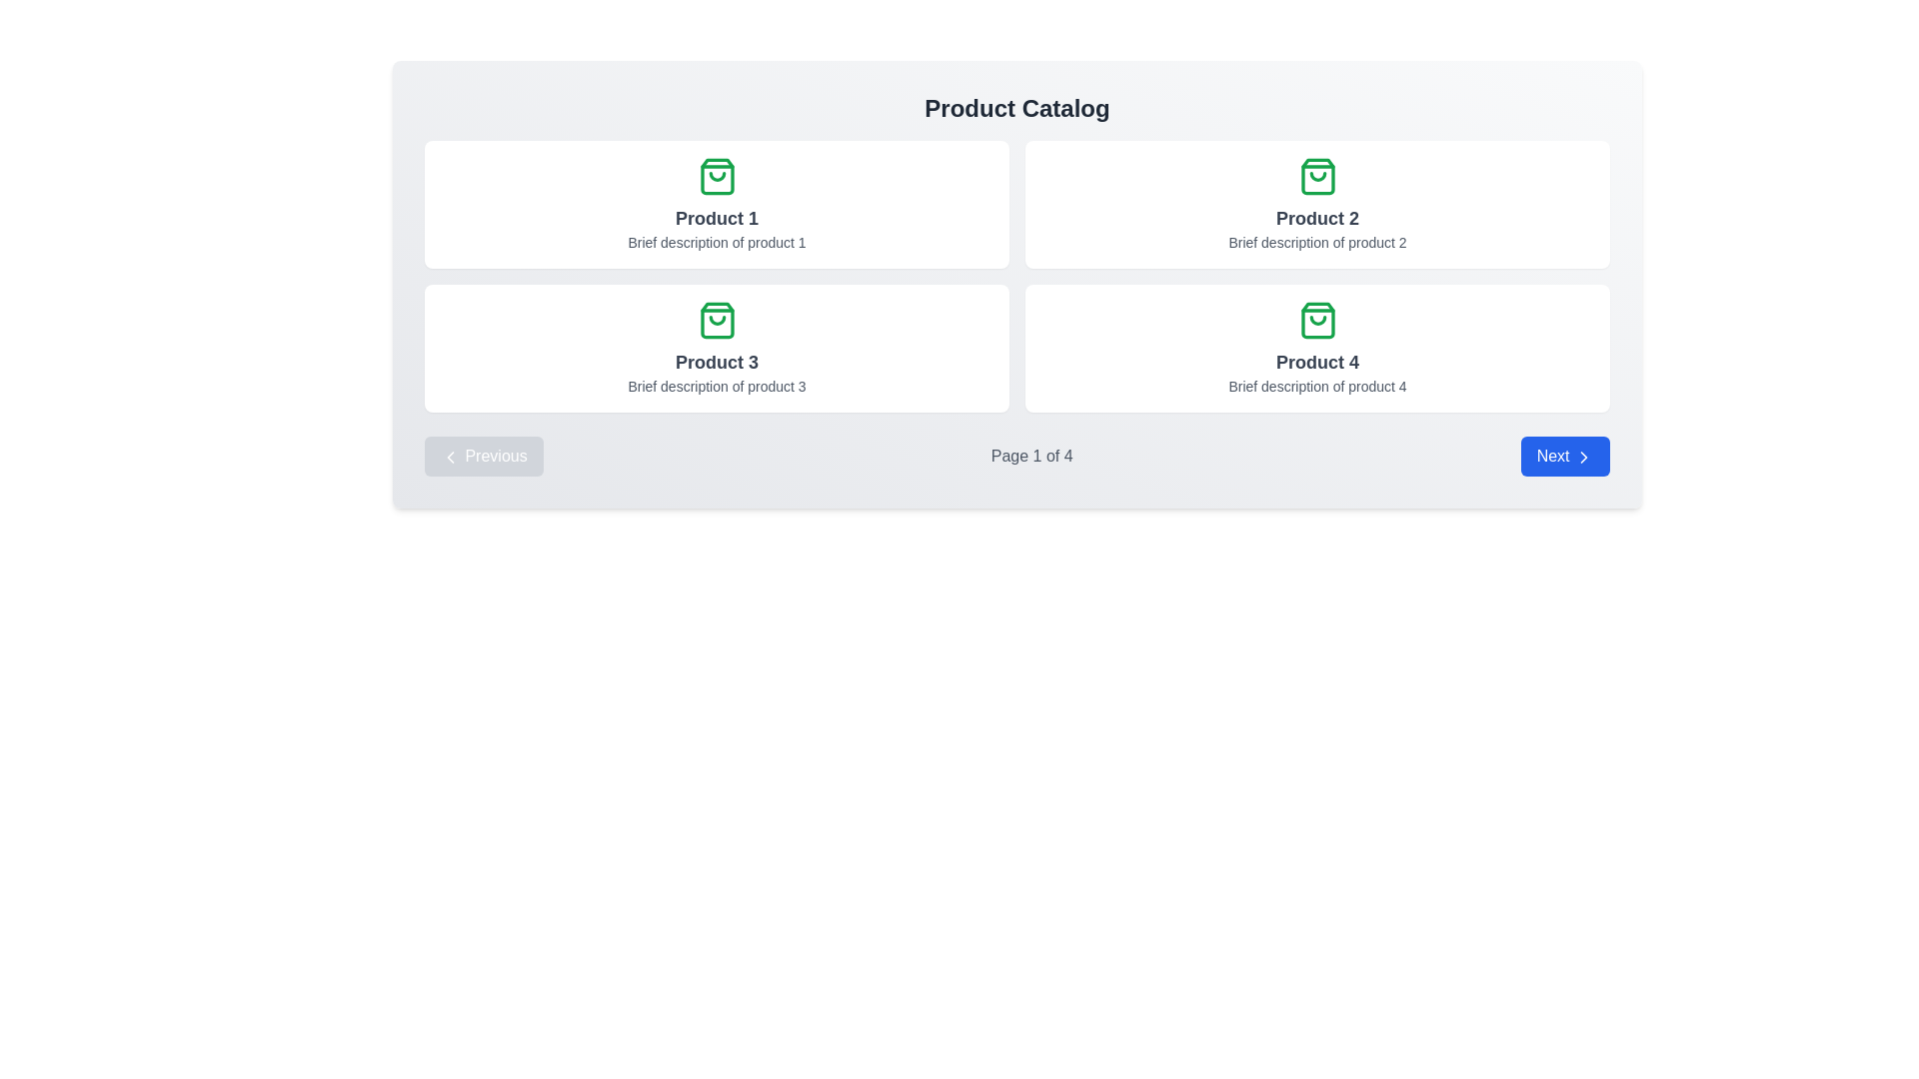  Describe the element at coordinates (717, 242) in the screenshot. I see `the text label containing the phrase 'Brief description of product 1', which is located below the title 'Product 1' in the first row, first column of the catalog grid` at that location.